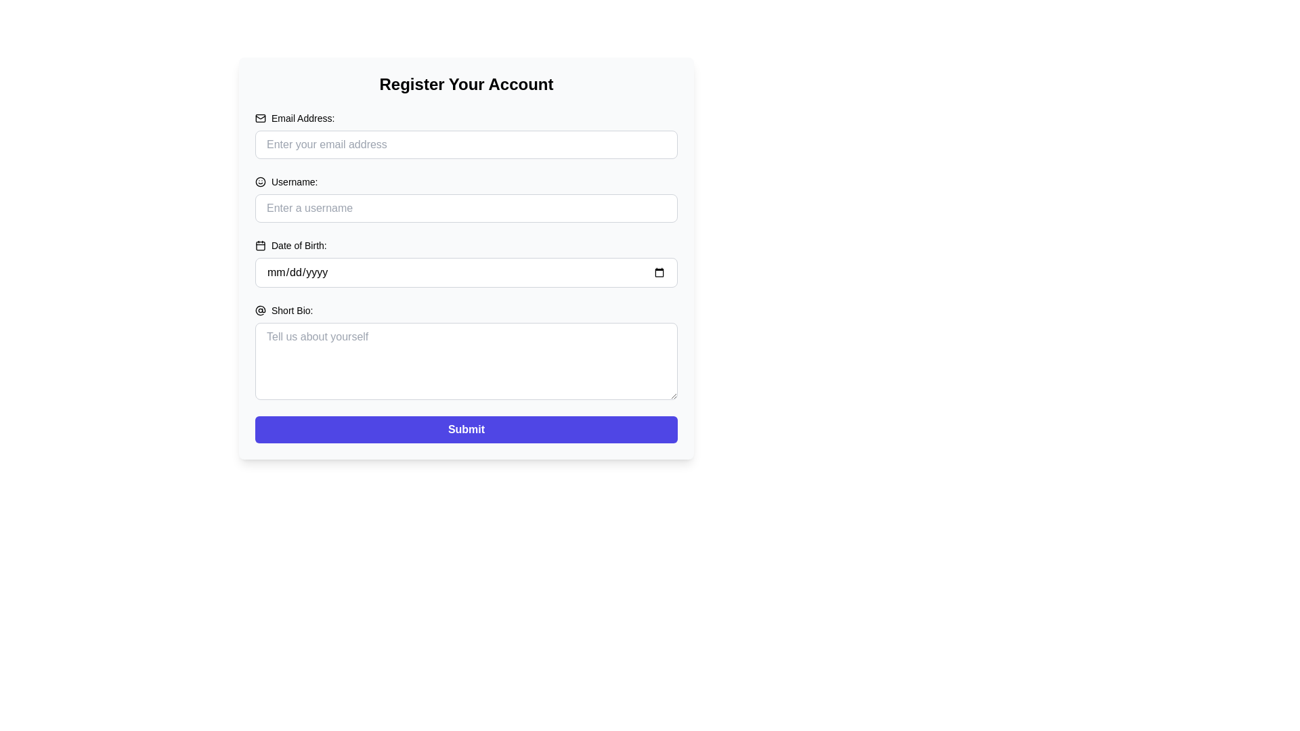 The width and height of the screenshot is (1300, 731). What do you see at coordinates (260, 245) in the screenshot?
I see `the center of the calendar icon, which is a small square with rounded corners and a minimalist grid design` at bounding box center [260, 245].